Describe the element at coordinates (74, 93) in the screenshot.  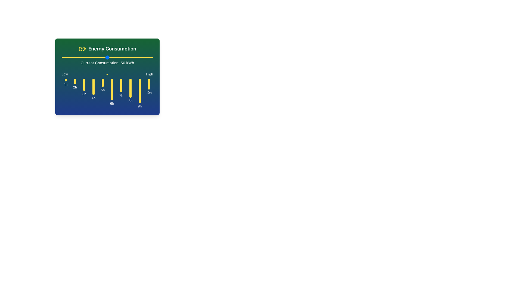
I see `the visual indicator (bar graph component) representing a 2-hour time interval on the energy consumption graph, located under the 'Energy Consumption' section and labeled '2h'` at that location.